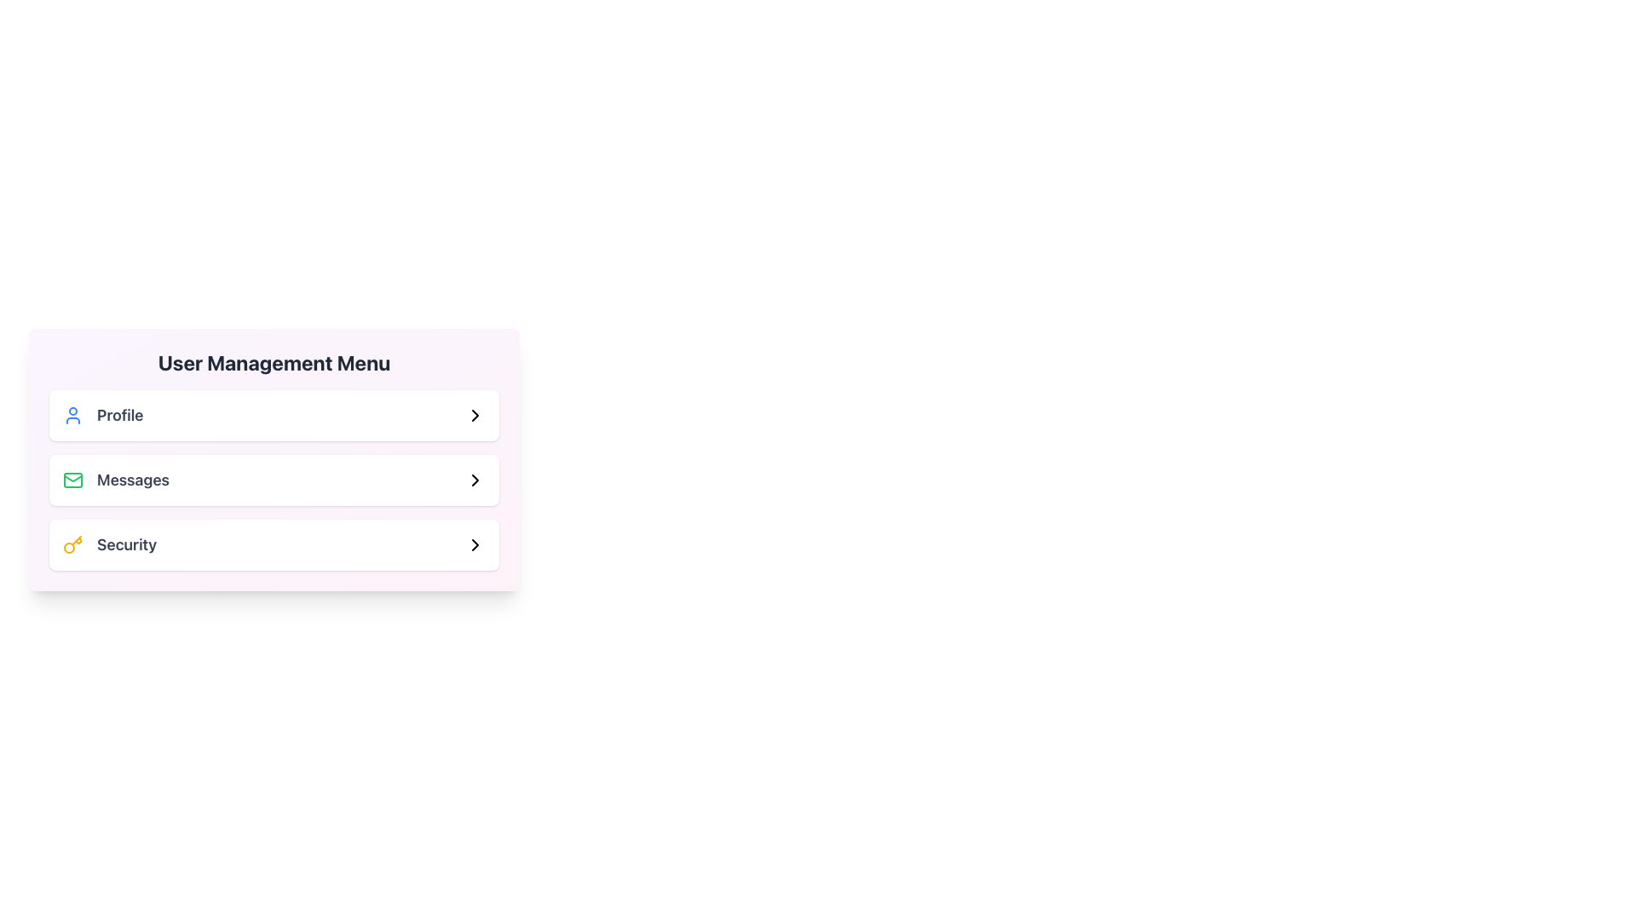 This screenshot has height=920, width=1636. Describe the element at coordinates (274, 416) in the screenshot. I see `the 'Profile' menu item, which is the first item in the 'User Management Menu' section` at that location.